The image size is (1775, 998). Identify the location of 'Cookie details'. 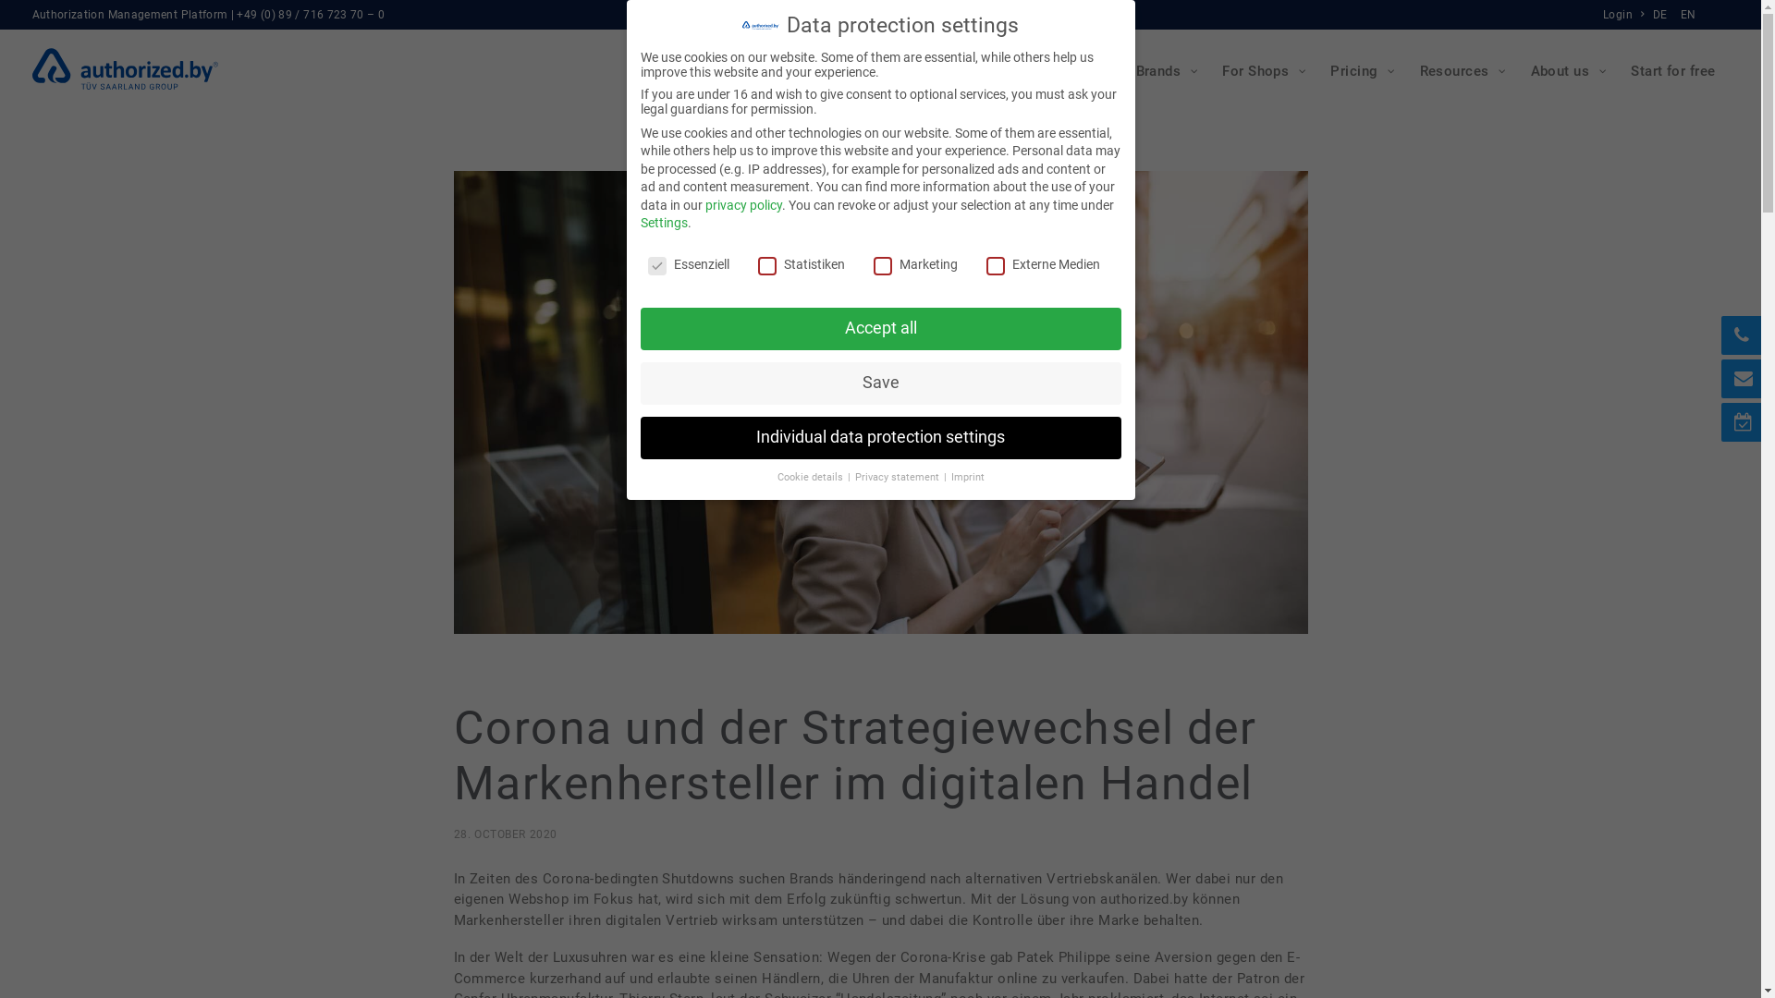
(811, 476).